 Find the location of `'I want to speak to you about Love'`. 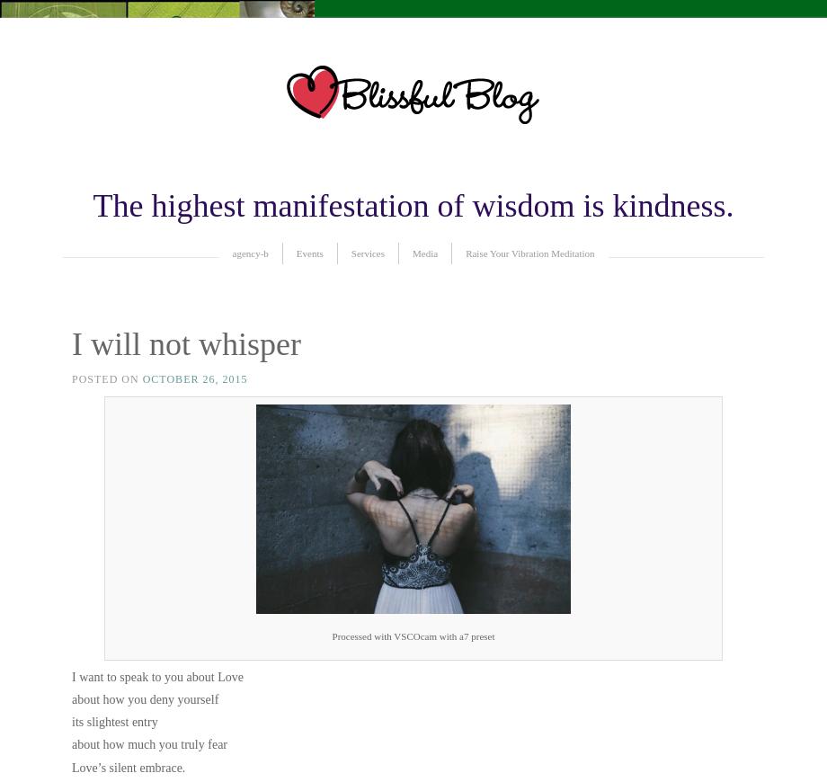

'I want to speak to you about Love' is located at coordinates (156, 676).